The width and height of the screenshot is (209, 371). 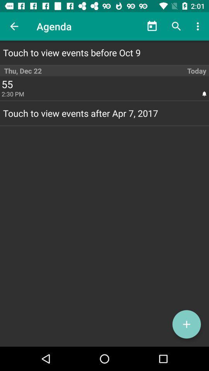 What do you see at coordinates (186, 324) in the screenshot?
I see `new agenda` at bounding box center [186, 324].